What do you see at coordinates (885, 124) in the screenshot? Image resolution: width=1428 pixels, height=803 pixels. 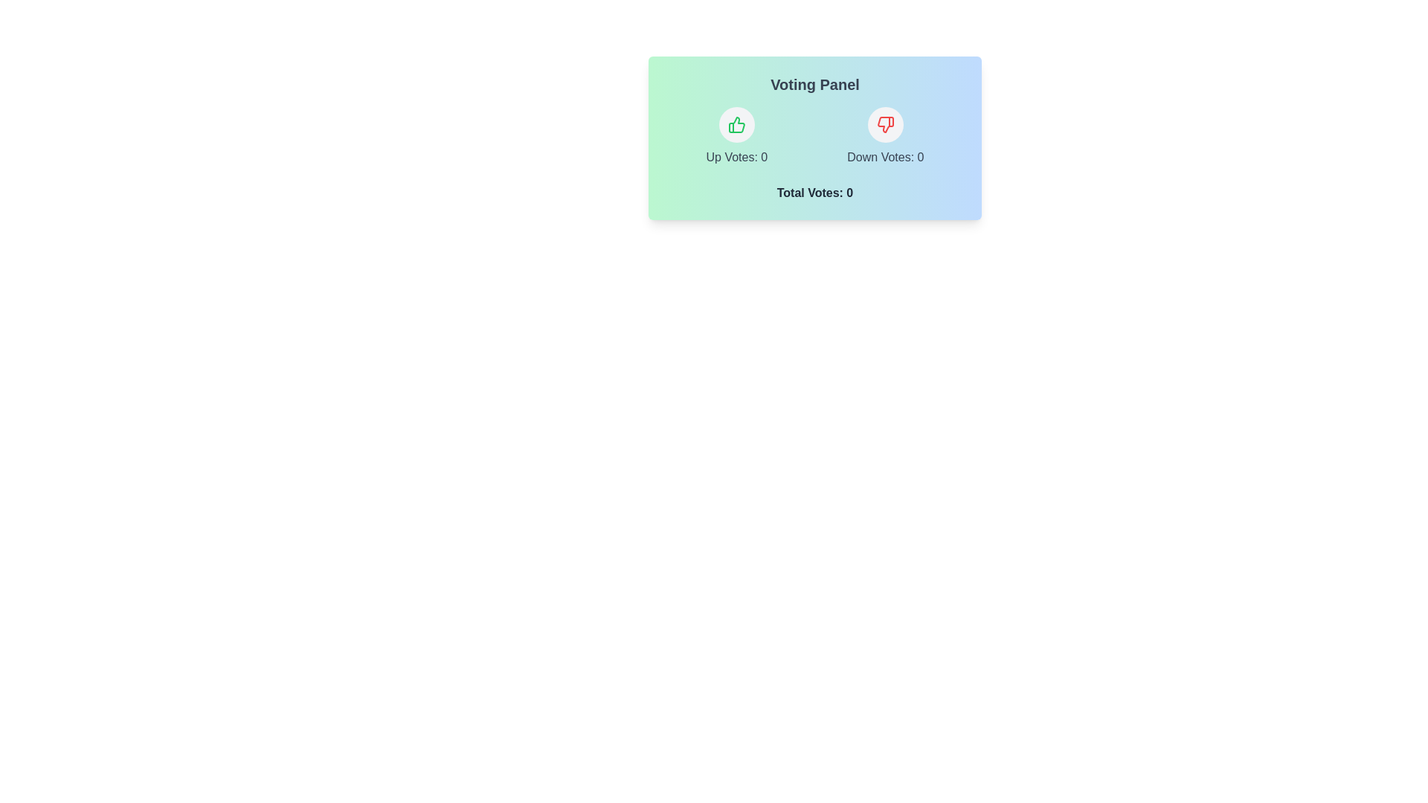 I see `the 'thumbs-down' icon button in the 'Down Votes' section of the voting panel, which is a minimalistic red icon depicting a thumbs-down gesture` at bounding box center [885, 124].